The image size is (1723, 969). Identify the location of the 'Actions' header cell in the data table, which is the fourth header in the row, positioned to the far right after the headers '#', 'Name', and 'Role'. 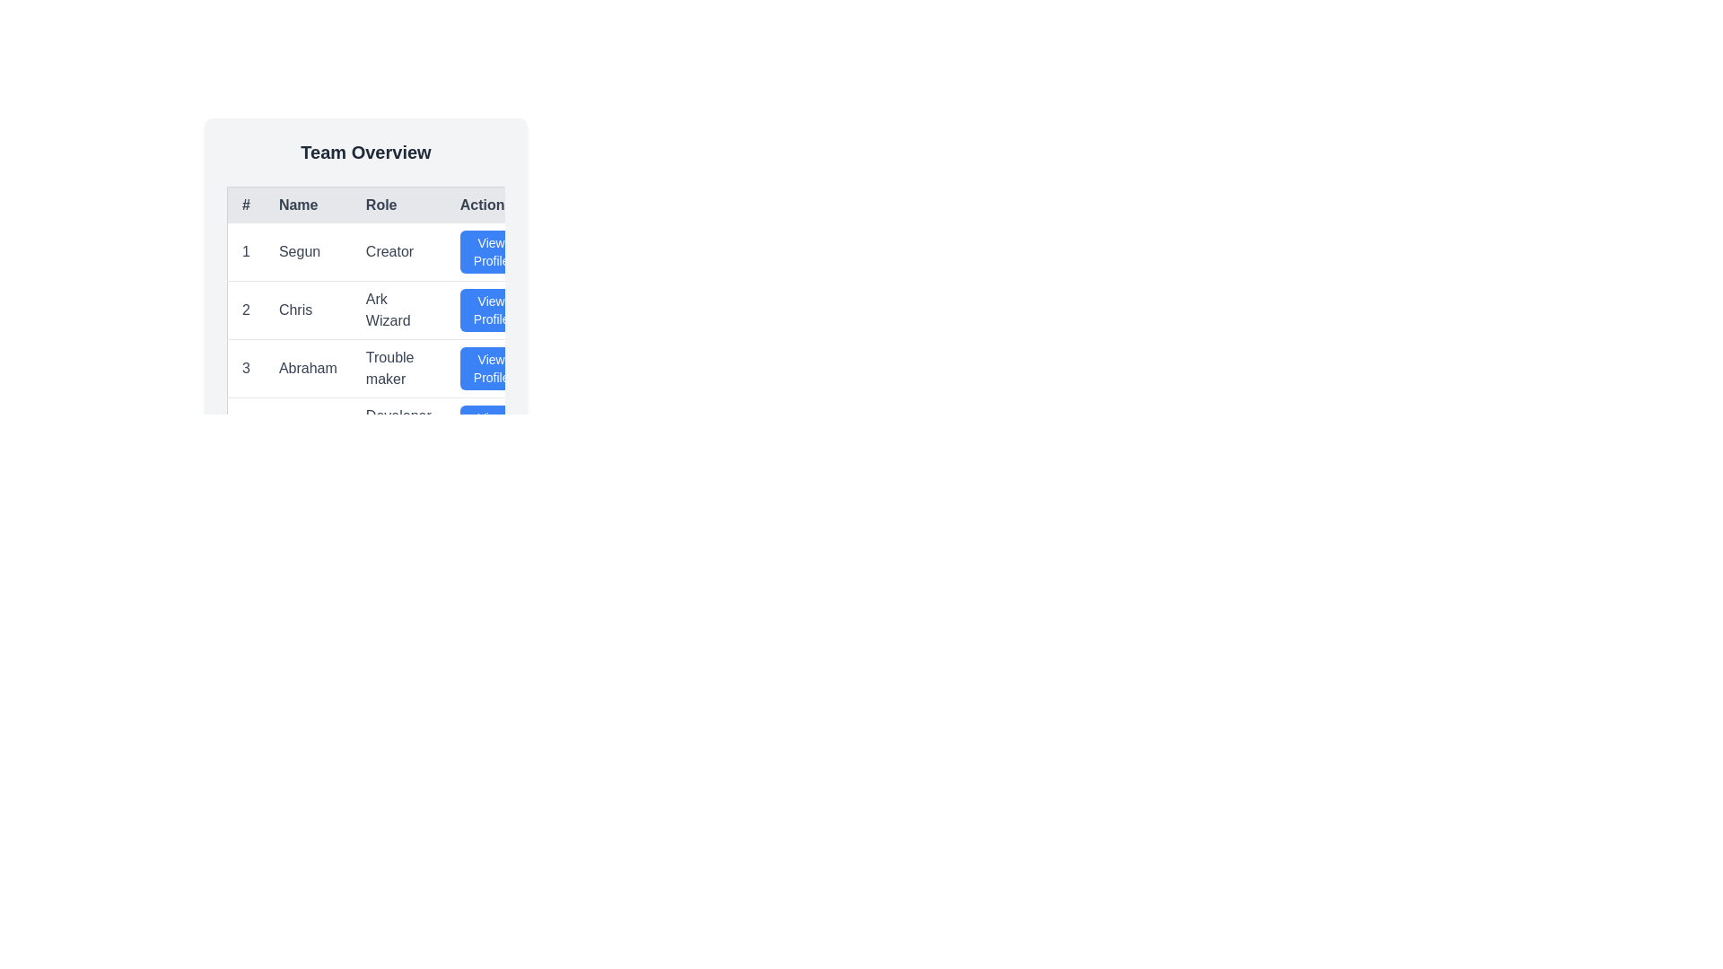
(499, 204).